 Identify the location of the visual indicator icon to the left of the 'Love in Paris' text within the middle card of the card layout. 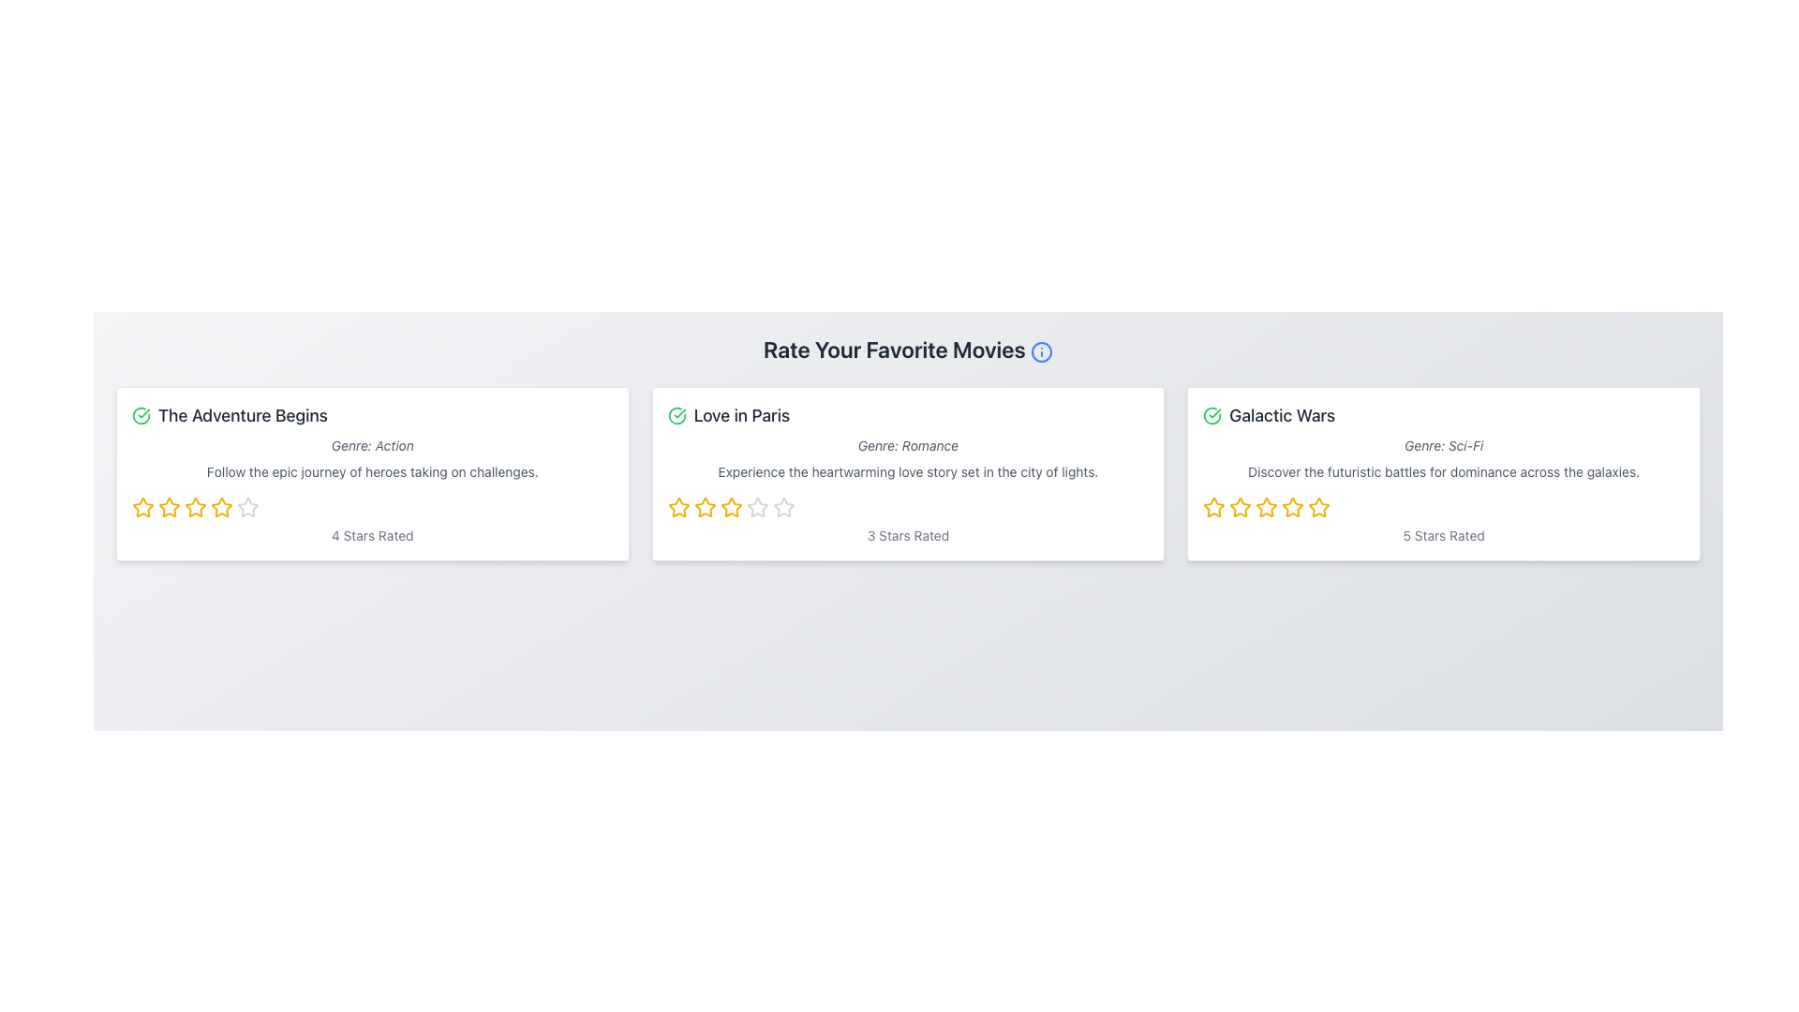
(676, 414).